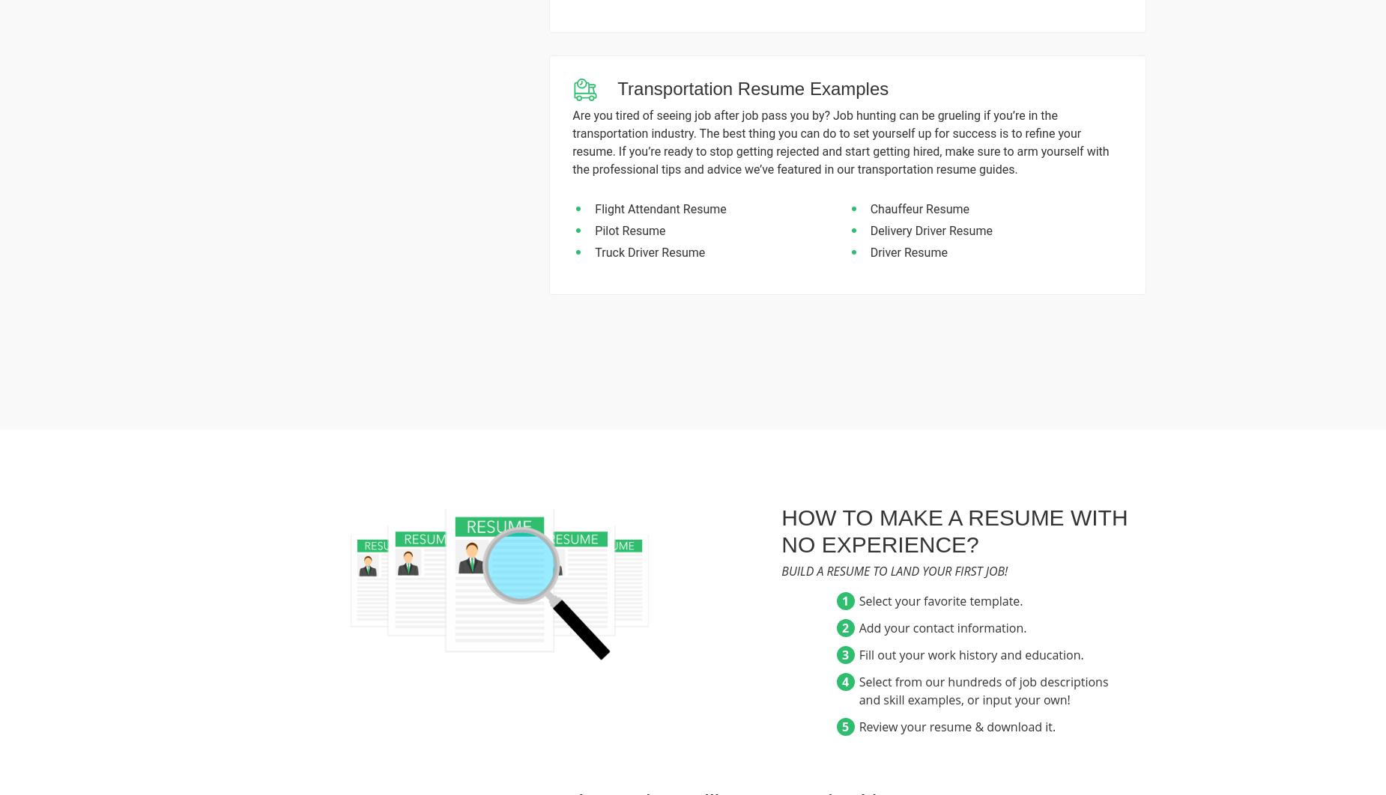  I want to click on 'Truck Driver Resume', so click(650, 252).